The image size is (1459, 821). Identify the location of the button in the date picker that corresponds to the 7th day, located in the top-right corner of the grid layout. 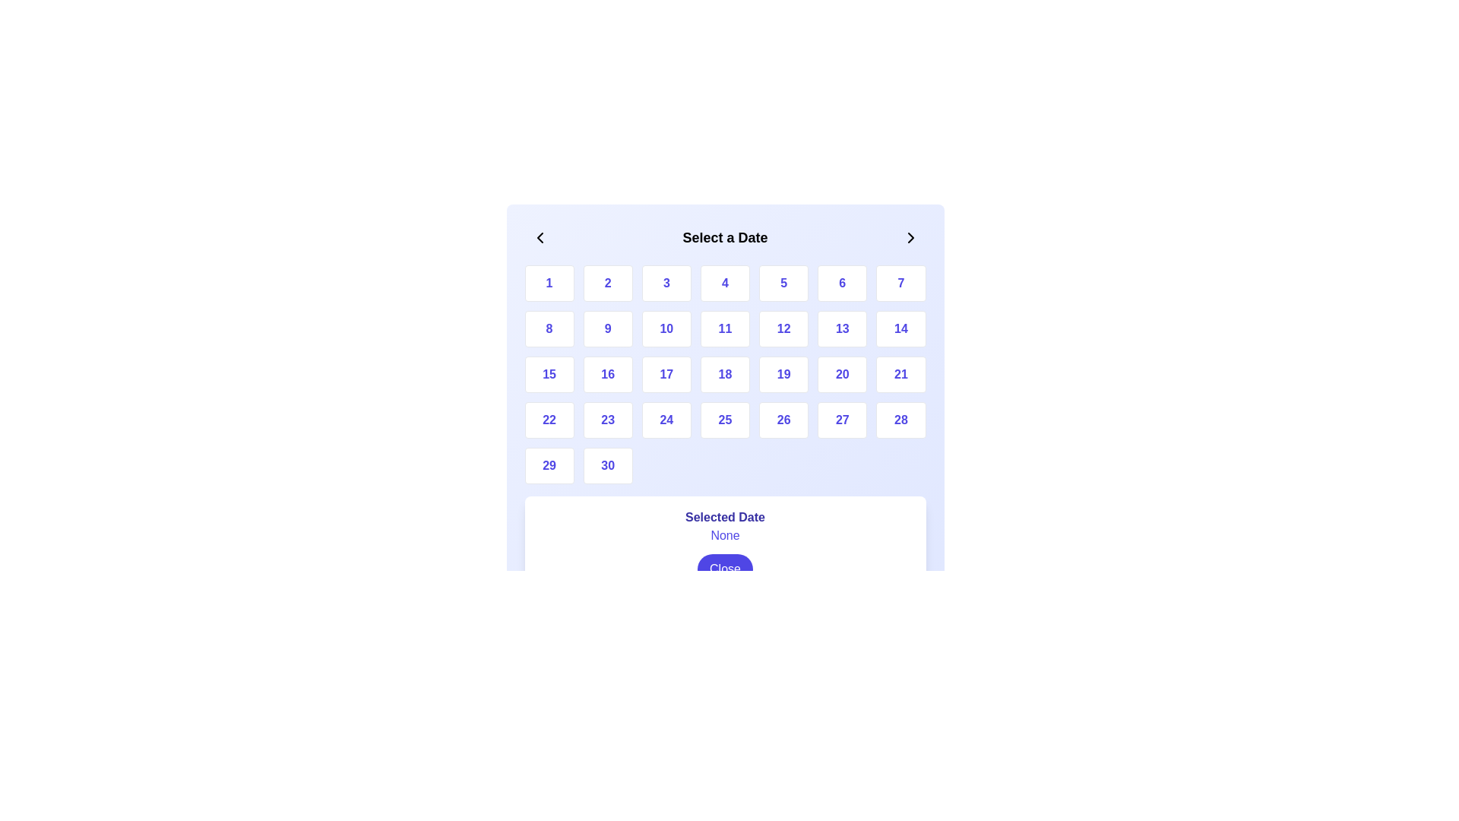
(900, 284).